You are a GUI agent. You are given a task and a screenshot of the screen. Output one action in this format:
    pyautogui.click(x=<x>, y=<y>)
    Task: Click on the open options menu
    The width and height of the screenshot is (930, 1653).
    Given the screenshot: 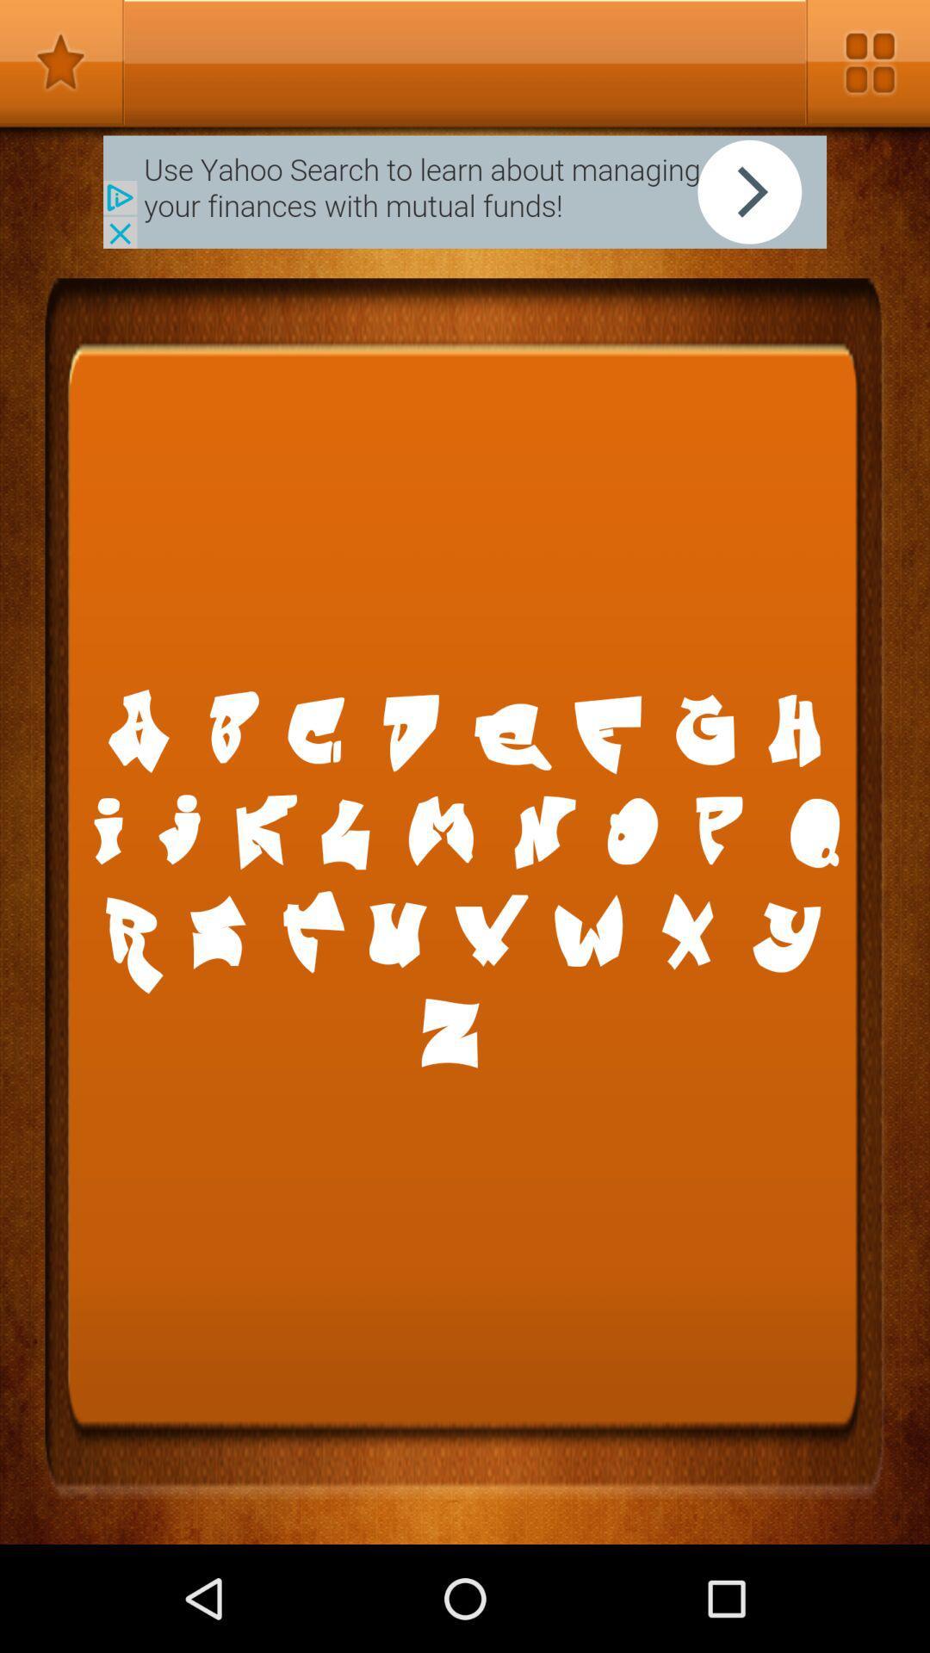 What is the action you would take?
    pyautogui.click(x=867, y=62)
    